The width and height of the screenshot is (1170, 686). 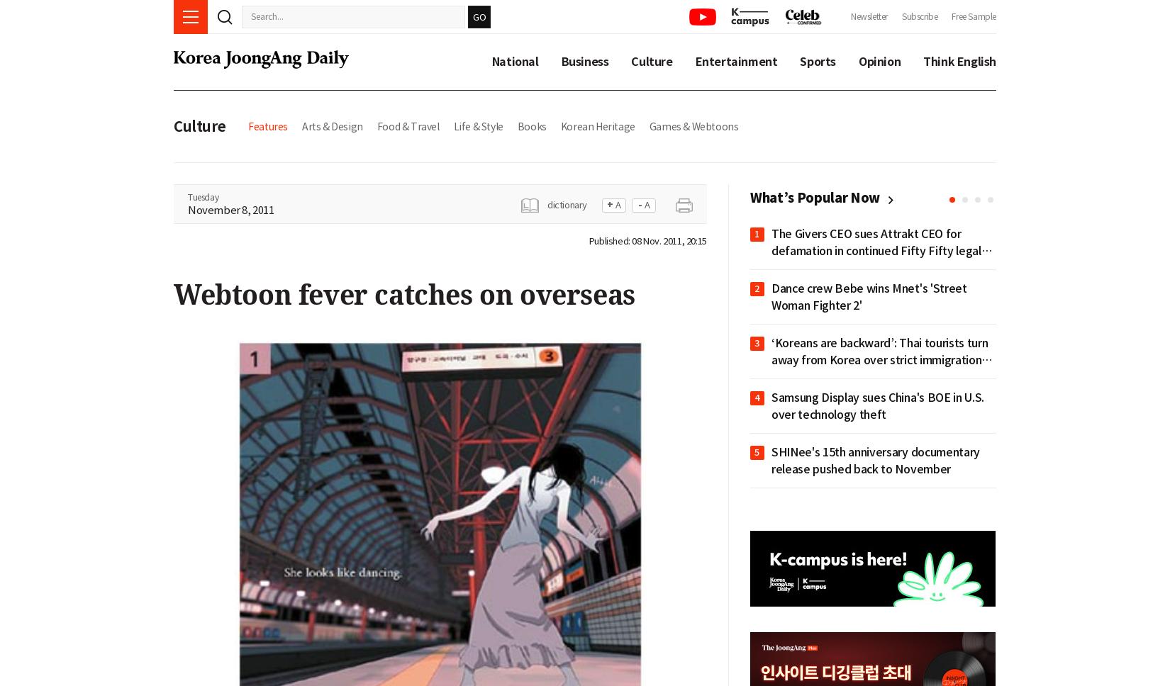 What do you see at coordinates (757, 234) in the screenshot?
I see `'1'` at bounding box center [757, 234].